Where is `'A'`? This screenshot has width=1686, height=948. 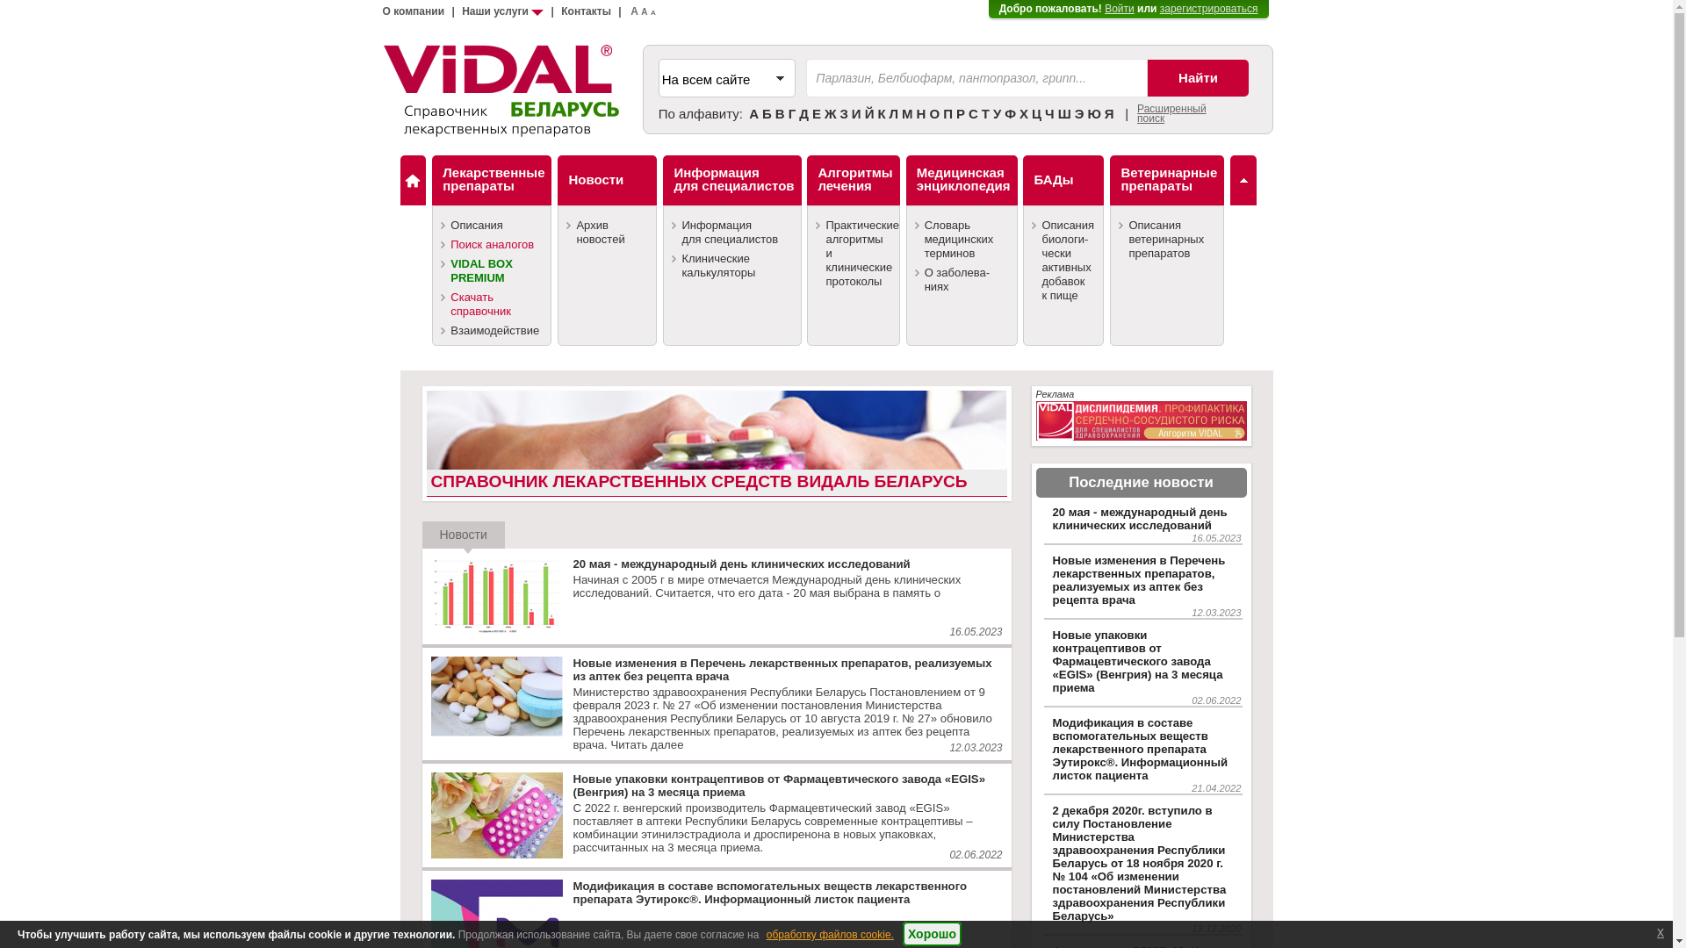 'A' is located at coordinates (652, 12).